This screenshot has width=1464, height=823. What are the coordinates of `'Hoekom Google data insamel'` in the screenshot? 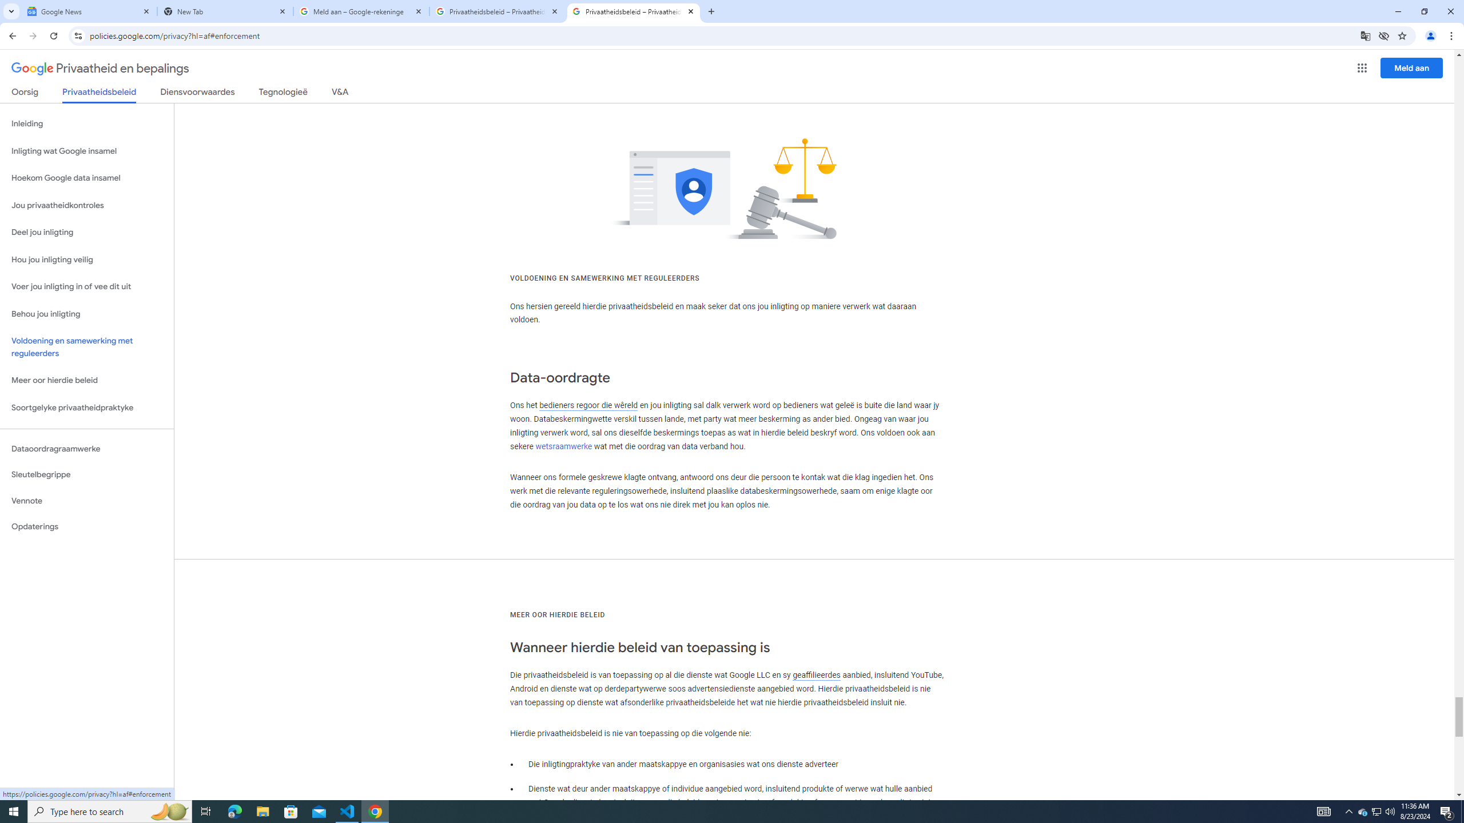 It's located at (86, 177).